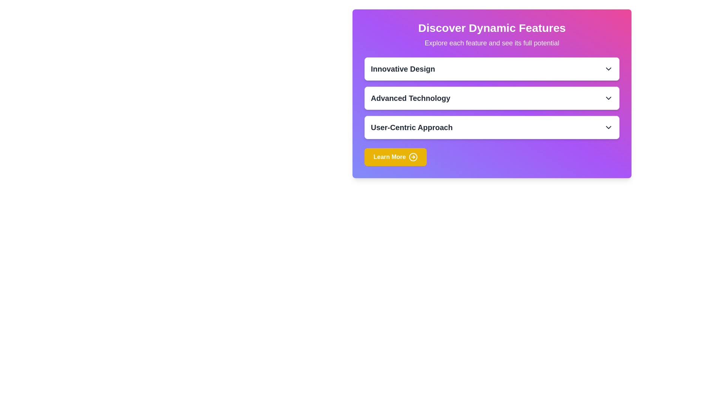 The height and width of the screenshot is (405, 720). Describe the element at coordinates (608, 98) in the screenshot. I see `the dropdown indicator icon located to the right of the 'Advanced Technology' label` at that location.